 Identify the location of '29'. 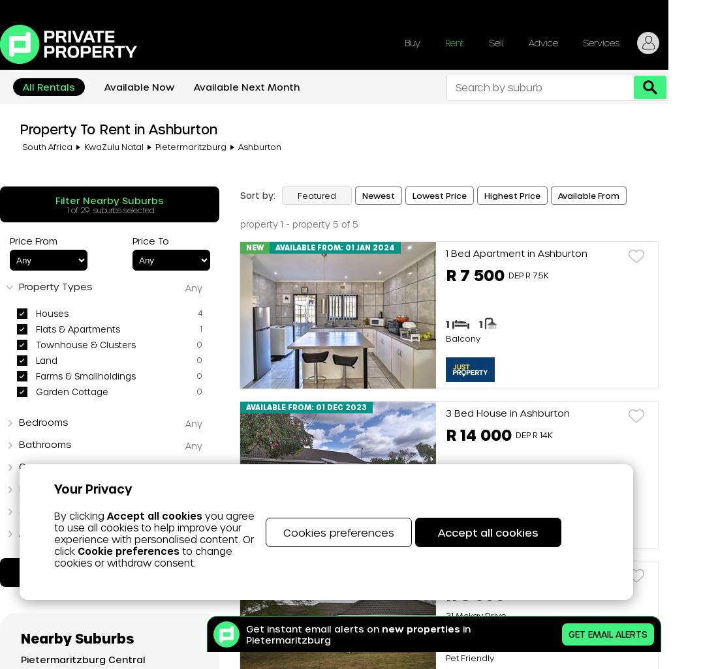
(84, 209).